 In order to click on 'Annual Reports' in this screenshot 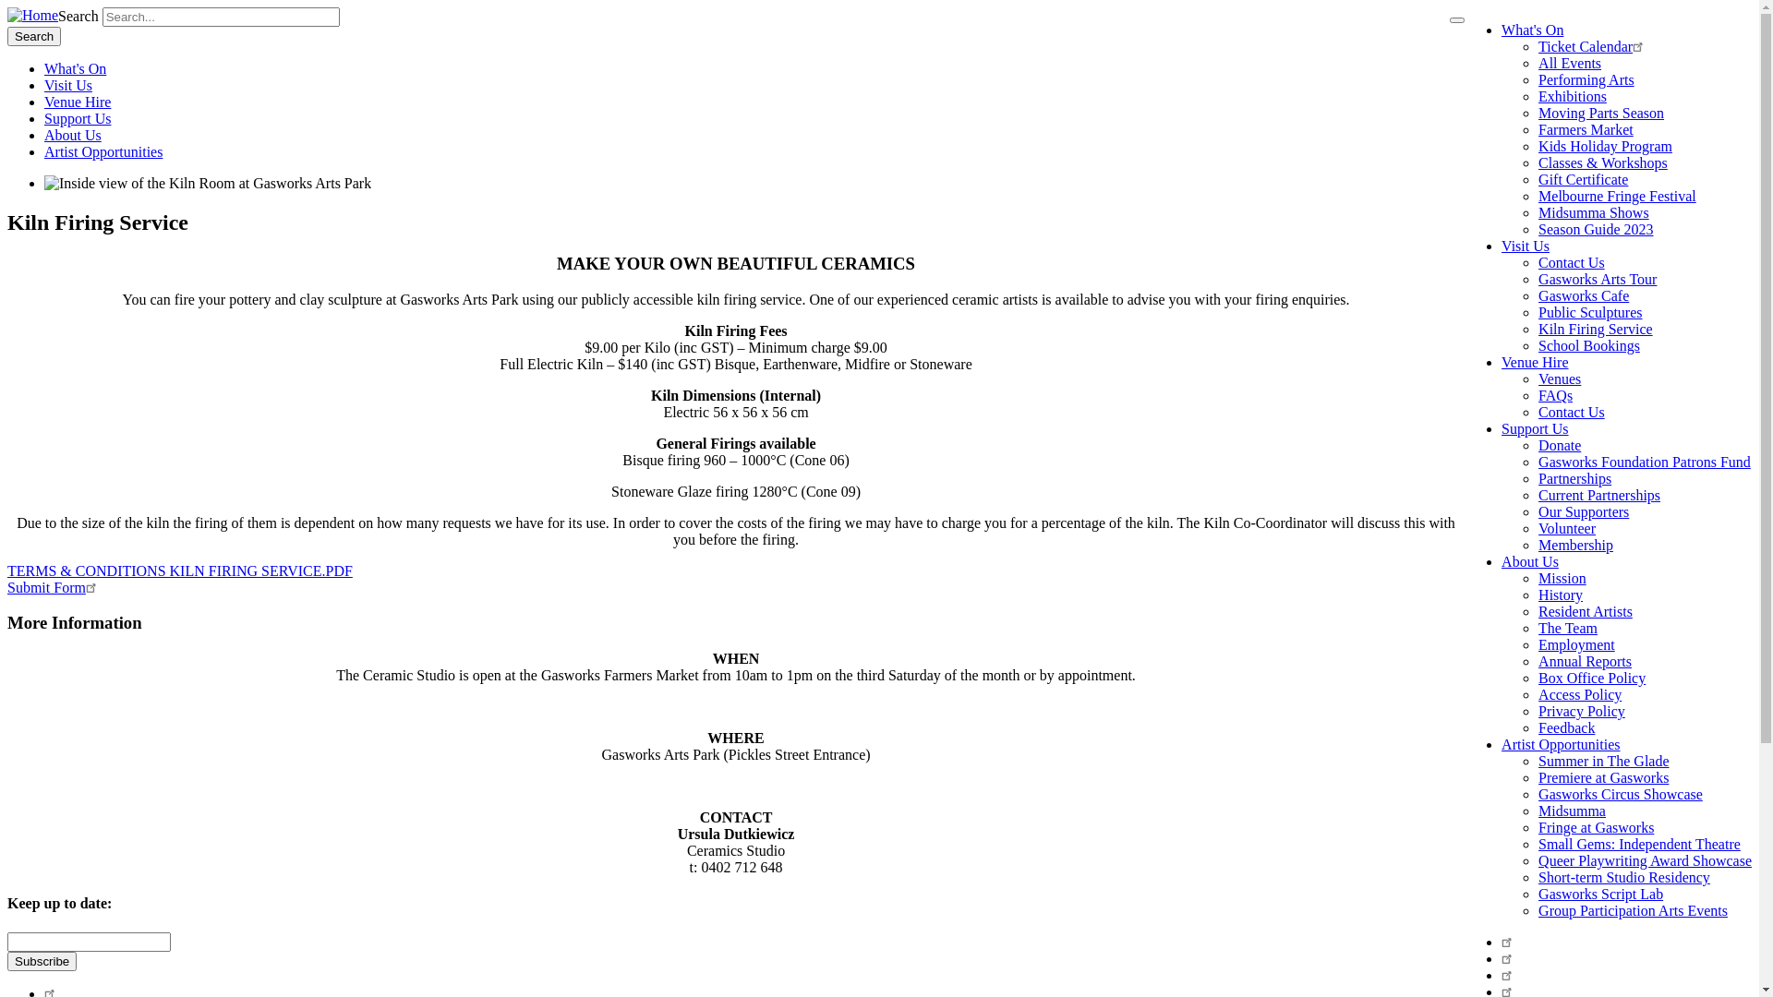, I will do `click(1584, 660)`.